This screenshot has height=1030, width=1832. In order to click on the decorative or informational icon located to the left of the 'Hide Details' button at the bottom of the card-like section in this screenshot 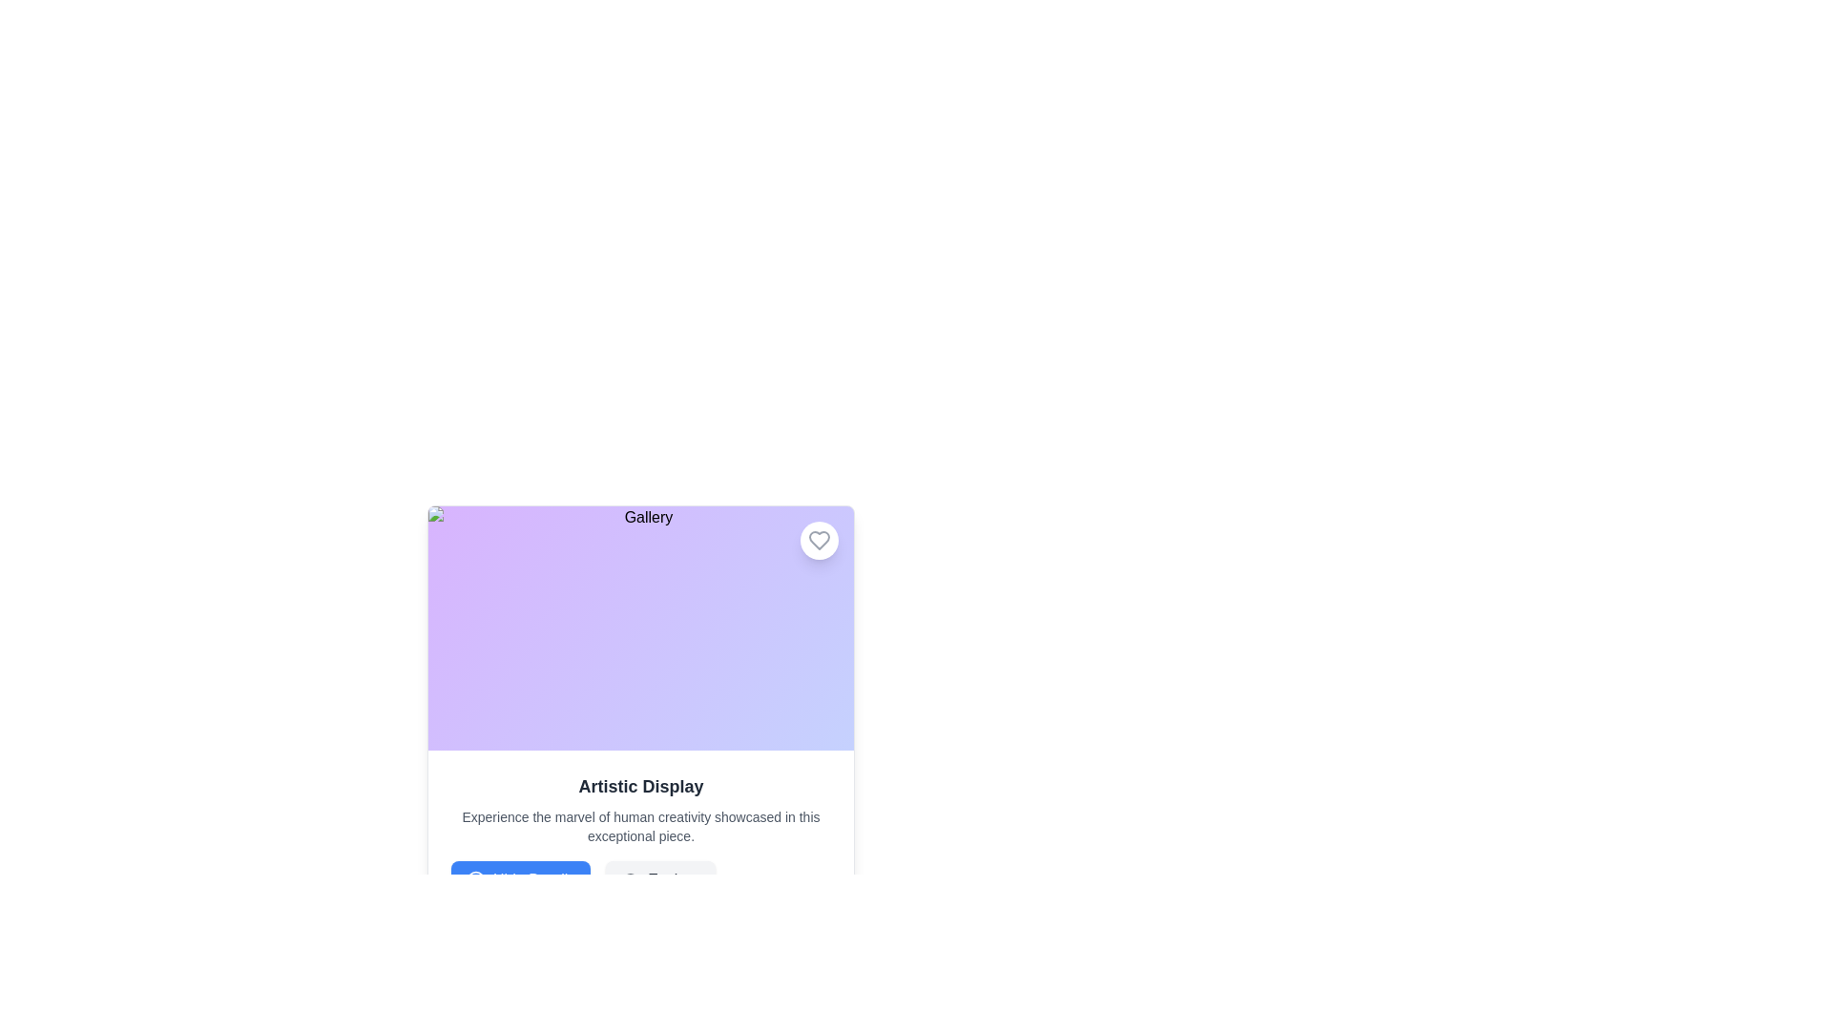, I will do `click(476, 879)`.